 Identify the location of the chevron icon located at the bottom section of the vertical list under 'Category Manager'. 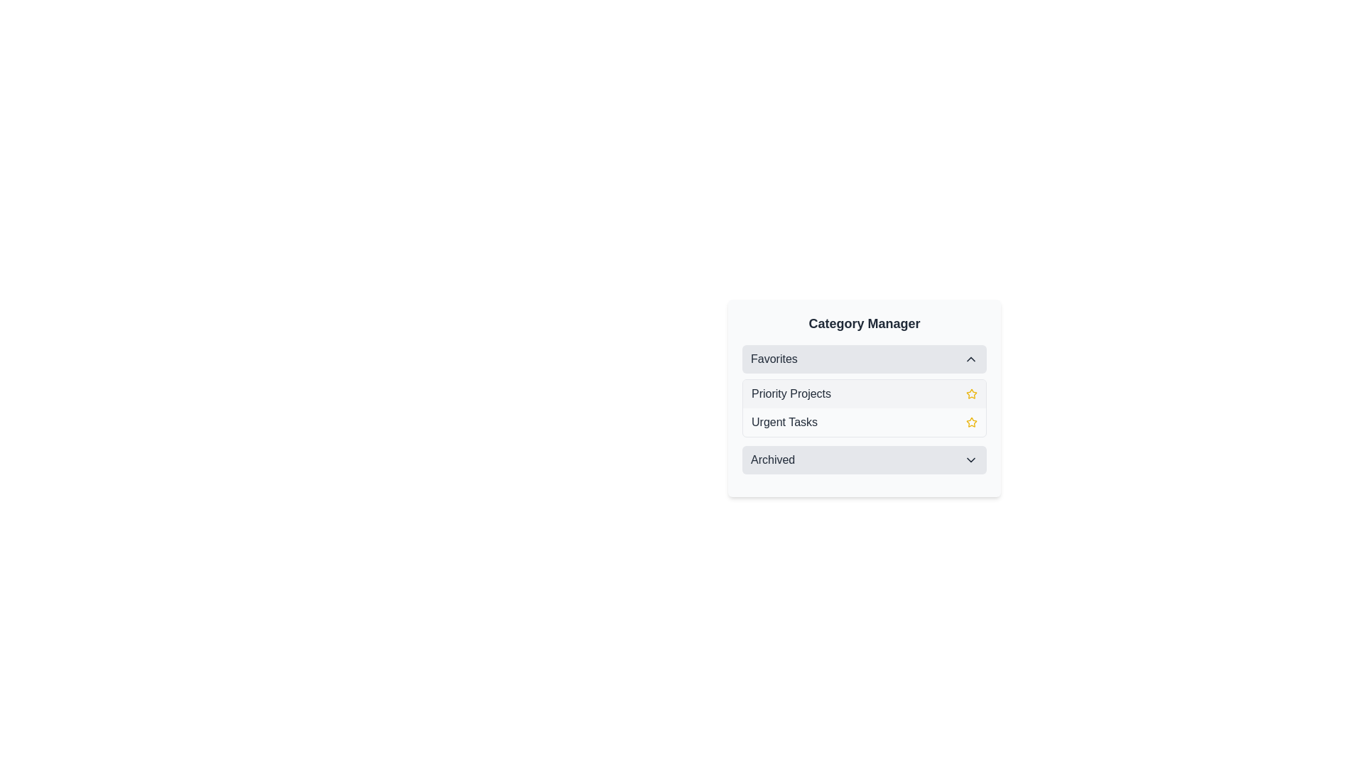
(970, 460).